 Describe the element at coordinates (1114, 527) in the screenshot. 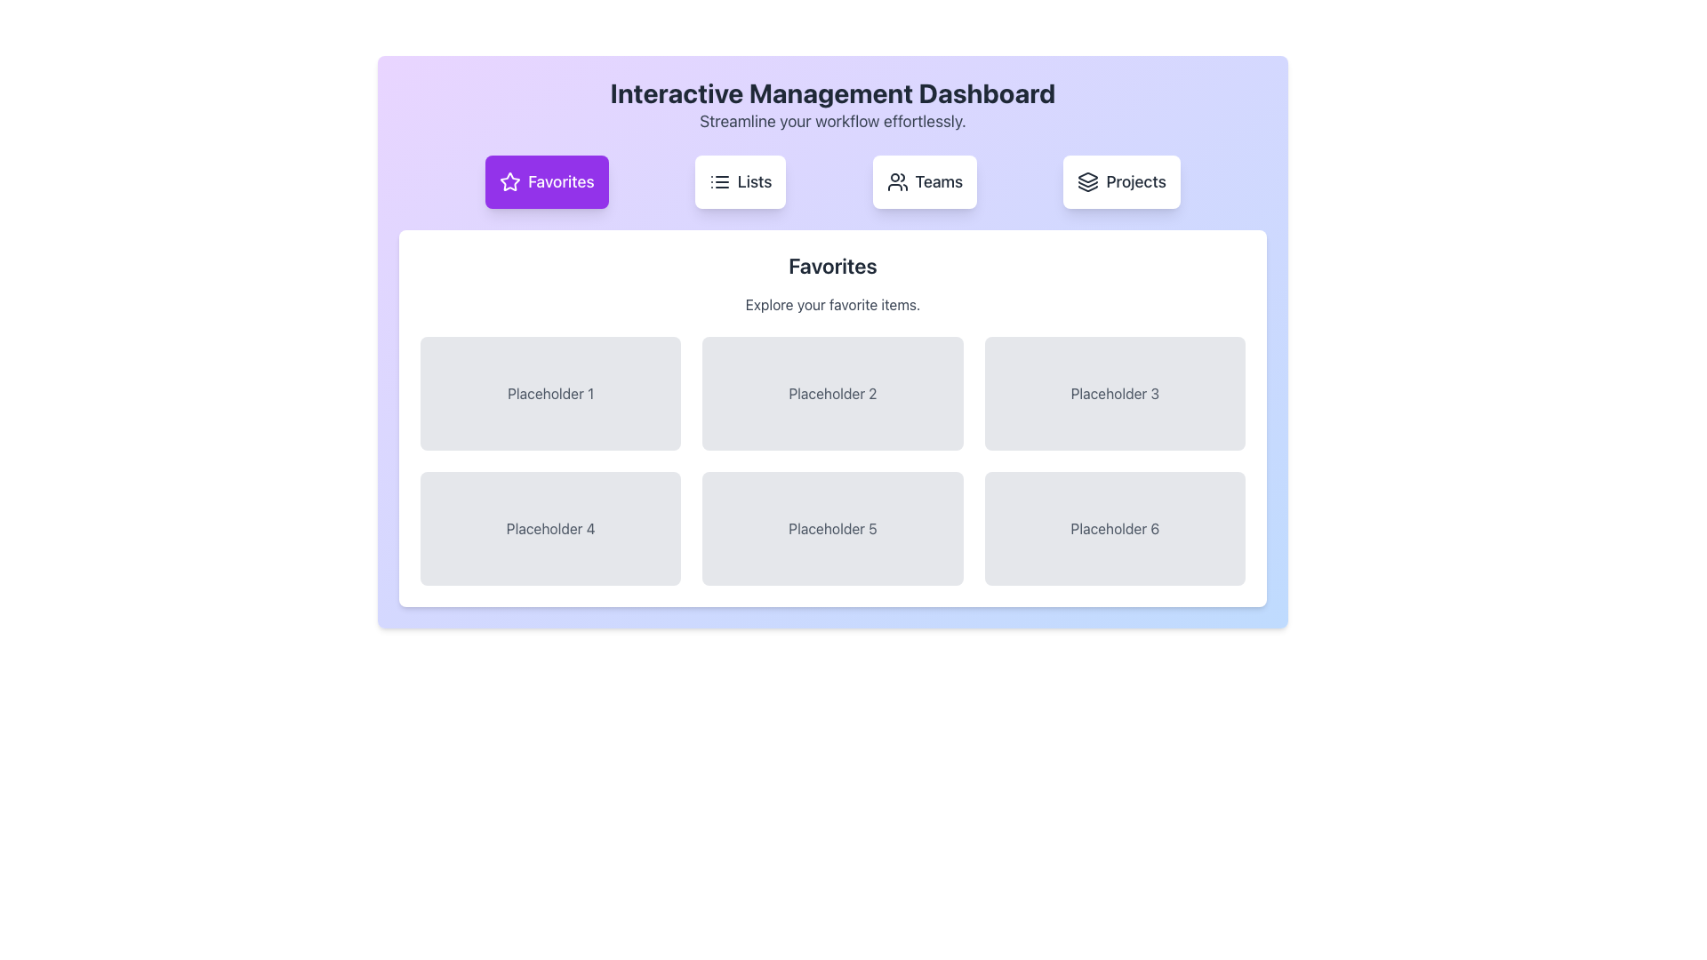

I see `the static placeholder element located in the bottom-right corner of a grid layout, specifically the sixth element in a two-row, three-column arrangement` at that location.